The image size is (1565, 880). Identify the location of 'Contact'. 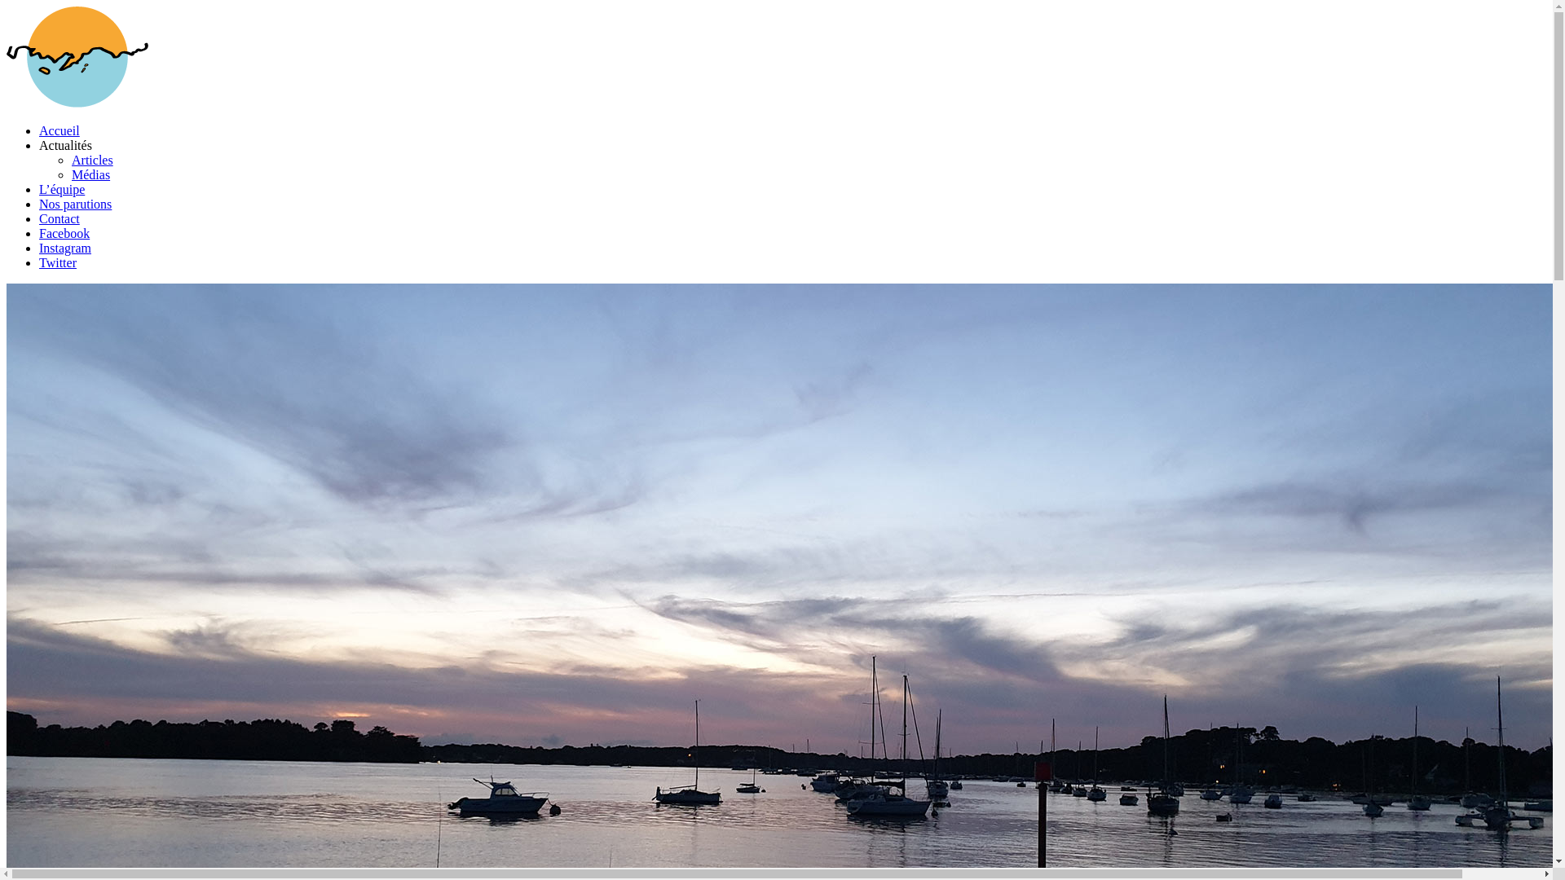
(59, 218).